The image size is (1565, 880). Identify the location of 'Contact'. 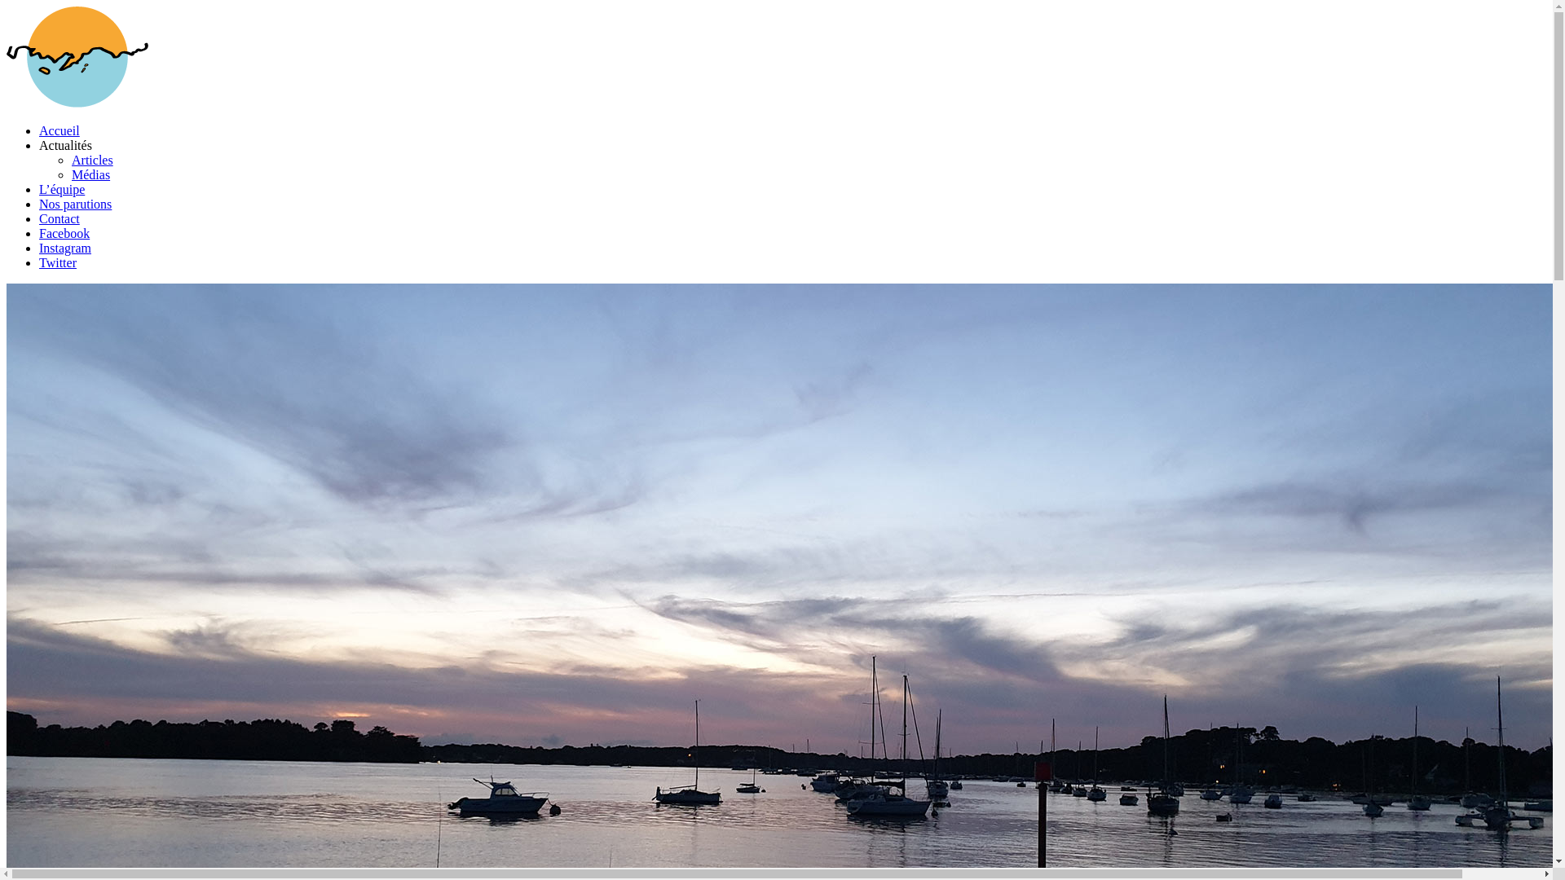
(59, 218).